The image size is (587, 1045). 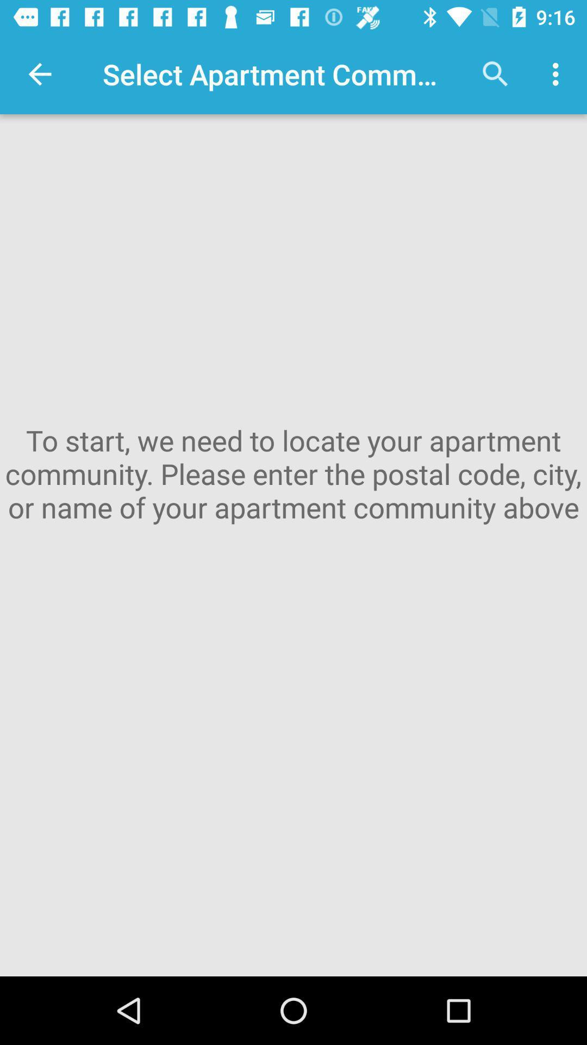 What do you see at coordinates (495, 73) in the screenshot?
I see `the item above to start we icon` at bounding box center [495, 73].